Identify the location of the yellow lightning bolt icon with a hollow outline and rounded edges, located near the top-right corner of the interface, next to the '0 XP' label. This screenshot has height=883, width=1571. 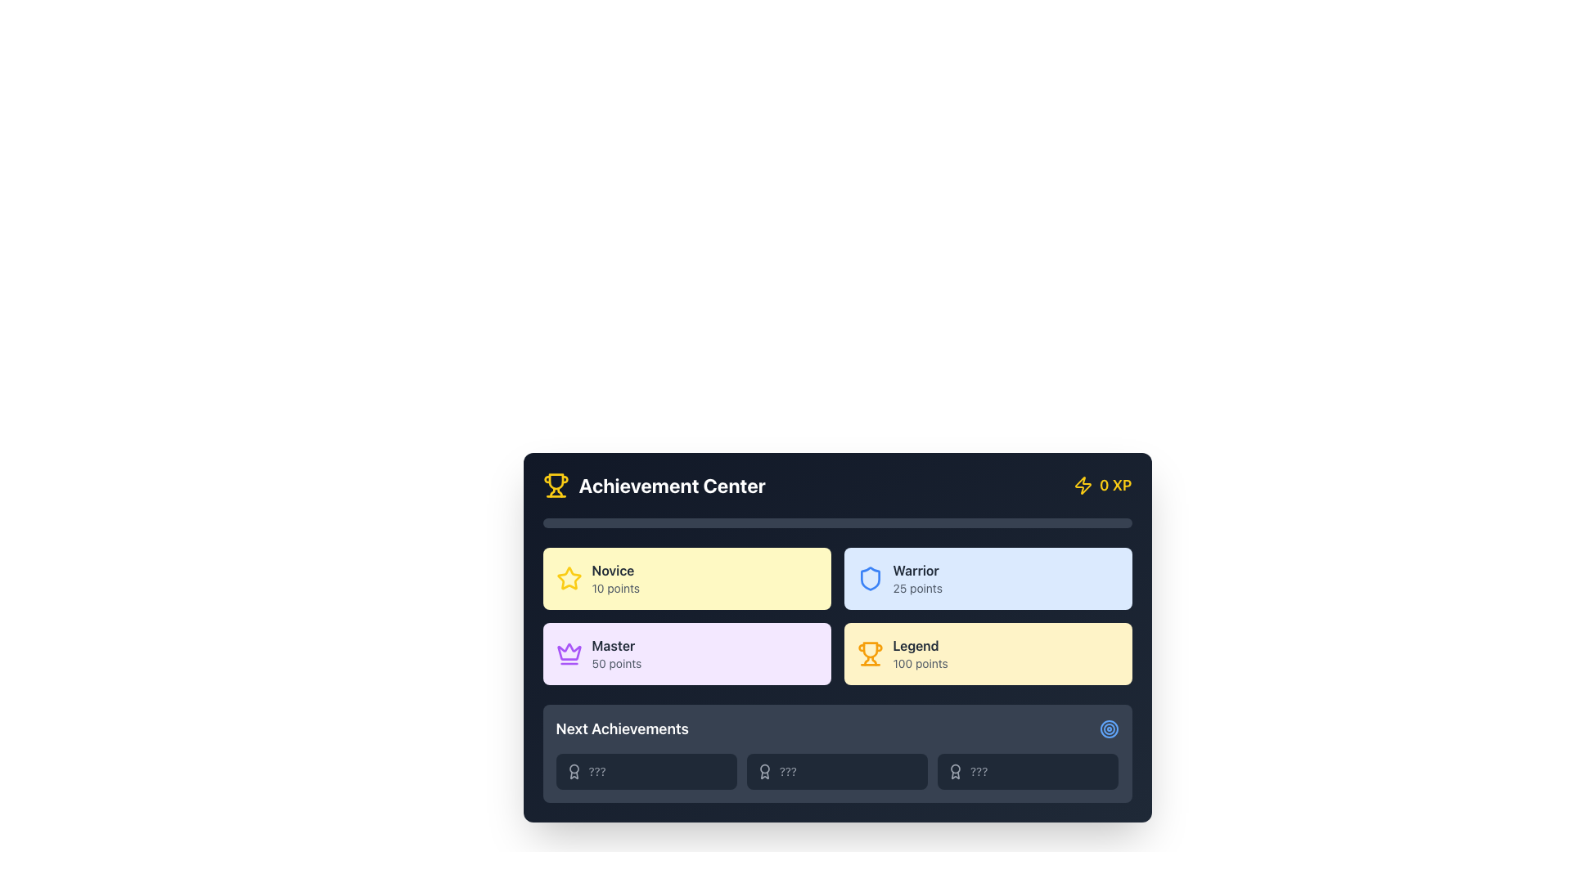
(1083, 485).